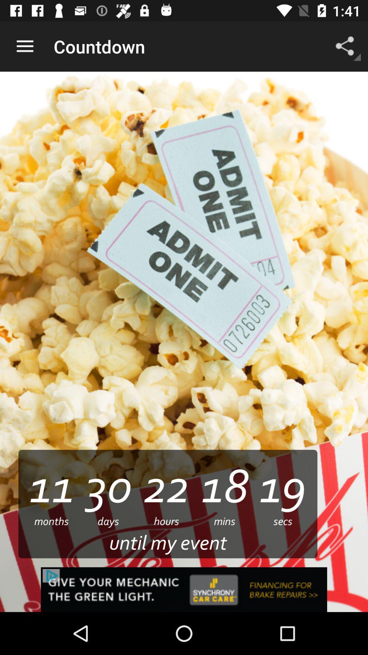 Image resolution: width=368 pixels, height=655 pixels. Describe the element at coordinates (184, 589) in the screenshot. I see `synchrony car care advertisement` at that location.